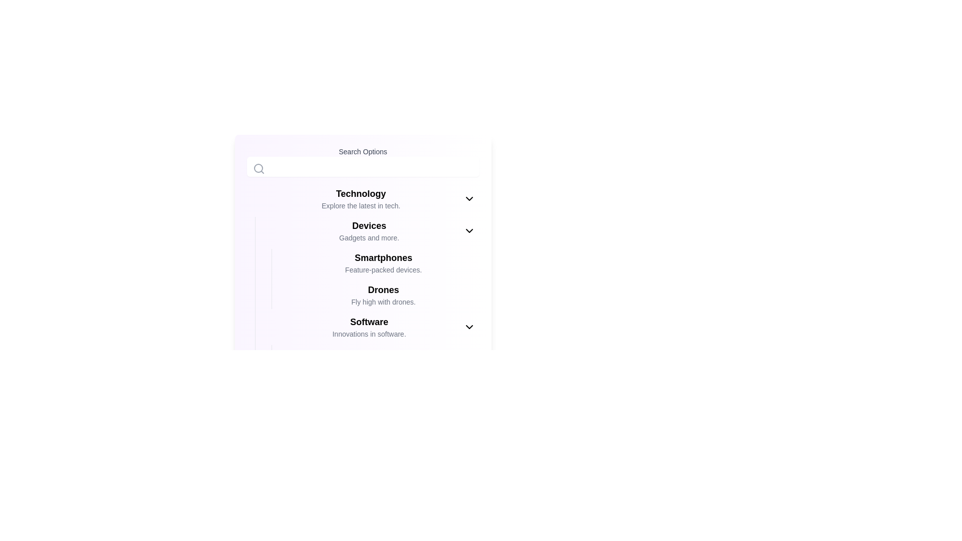 Image resolution: width=962 pixels, height=541 pixels. I want to click on the toggle icon located on the right side of the 'Devices' section, so click(468, 231).